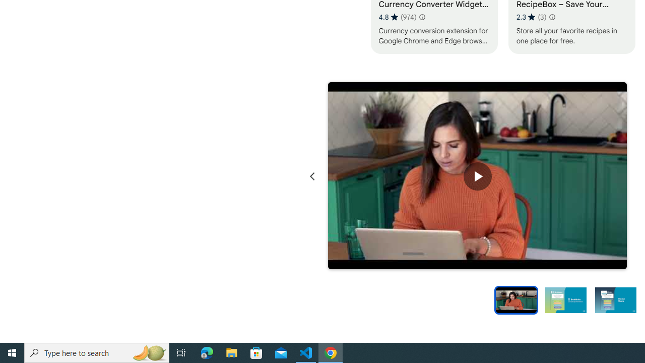 This screenshot has height=363, width=645. I want to click on 'Item video thumbnail', so click(516, 299).